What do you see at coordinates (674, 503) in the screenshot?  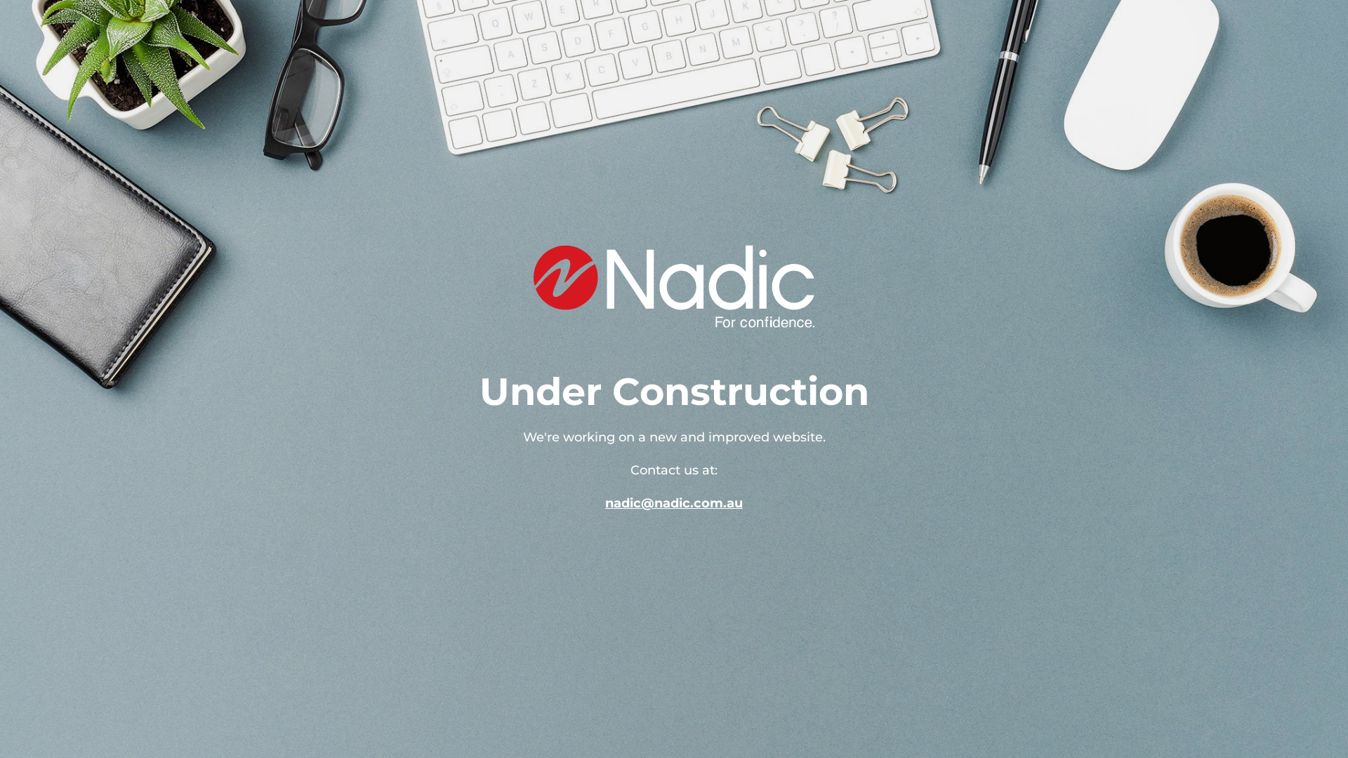 I see `'nadic@nadic.com.au'` at bounding box center [674, 503].